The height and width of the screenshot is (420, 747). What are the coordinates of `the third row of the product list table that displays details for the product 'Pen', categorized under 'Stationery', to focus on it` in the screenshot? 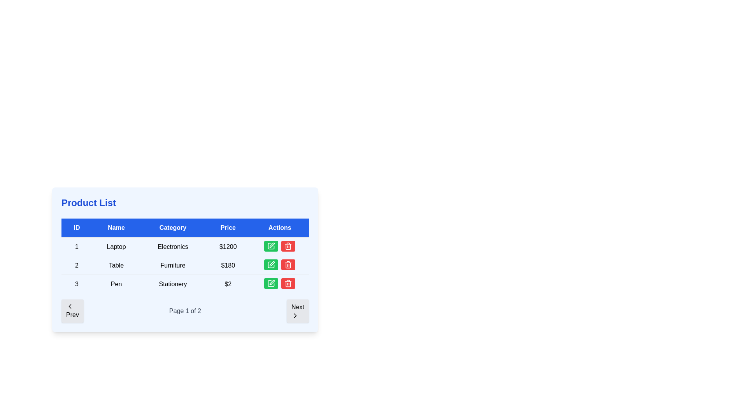 It's located at (184, 283).